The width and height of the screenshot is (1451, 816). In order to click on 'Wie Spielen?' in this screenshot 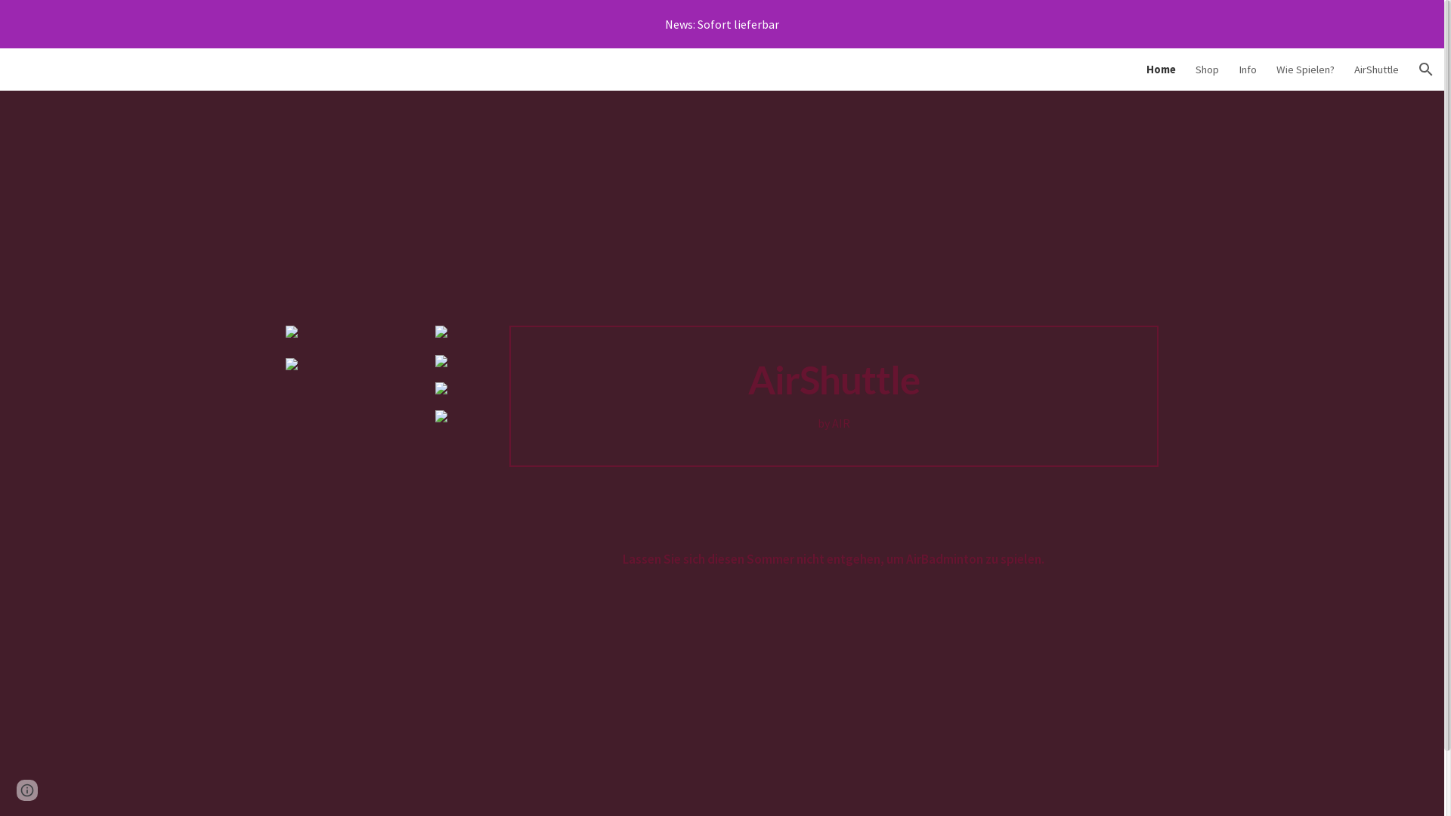, I will do `click(1304, 70)`.